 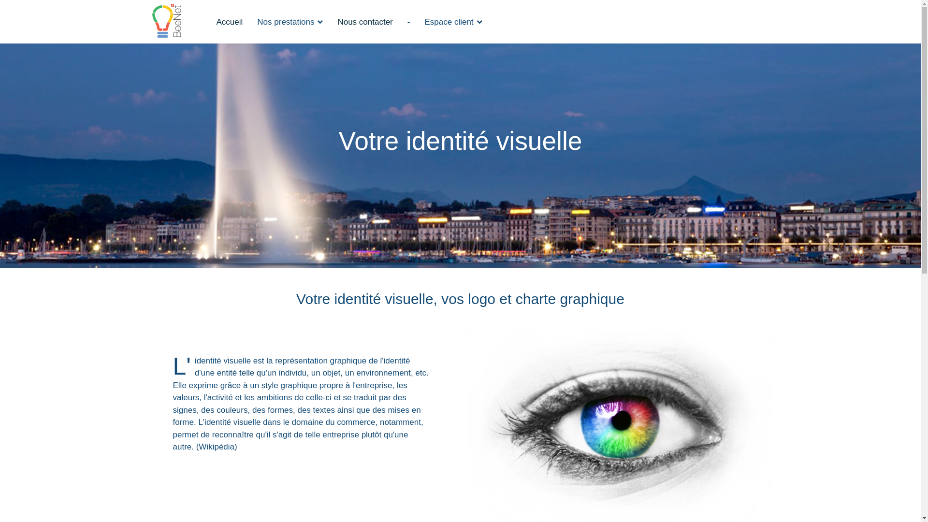 What do you see at coordinates (229, 22) in the screenshot?
I see `'Accueil'` at bounding box center [229, 22].